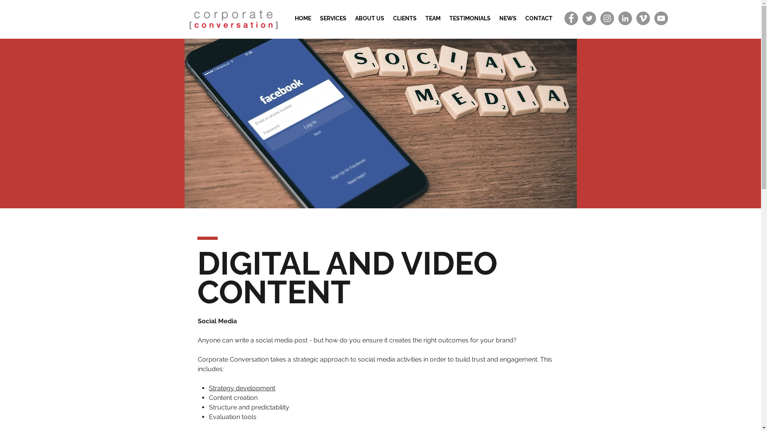 The height and width of the screenshot is (431, 767). Describe the element at coordinates (333, 18) in the screenshot. I see `'SERVICES'` at that location.